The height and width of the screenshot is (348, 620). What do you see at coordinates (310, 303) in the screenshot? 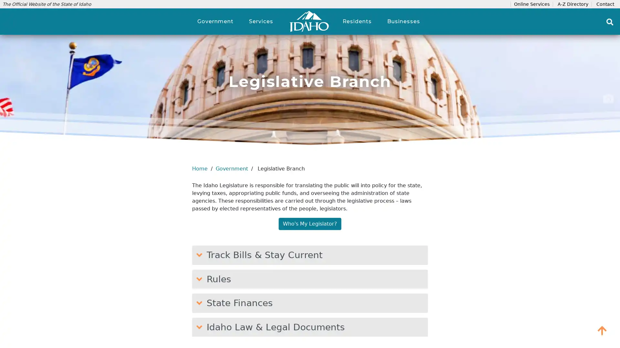
I see `State Finances` at bounding box center [310, 303].